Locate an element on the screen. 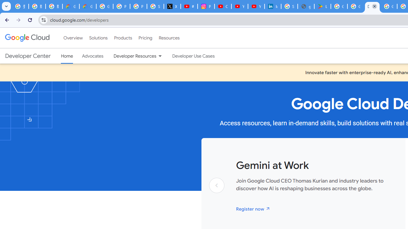 Image resolution: width=408 pixels, height=229 pixels. 'Sign in - Google Accounts' is located at coordinates (155, 6).